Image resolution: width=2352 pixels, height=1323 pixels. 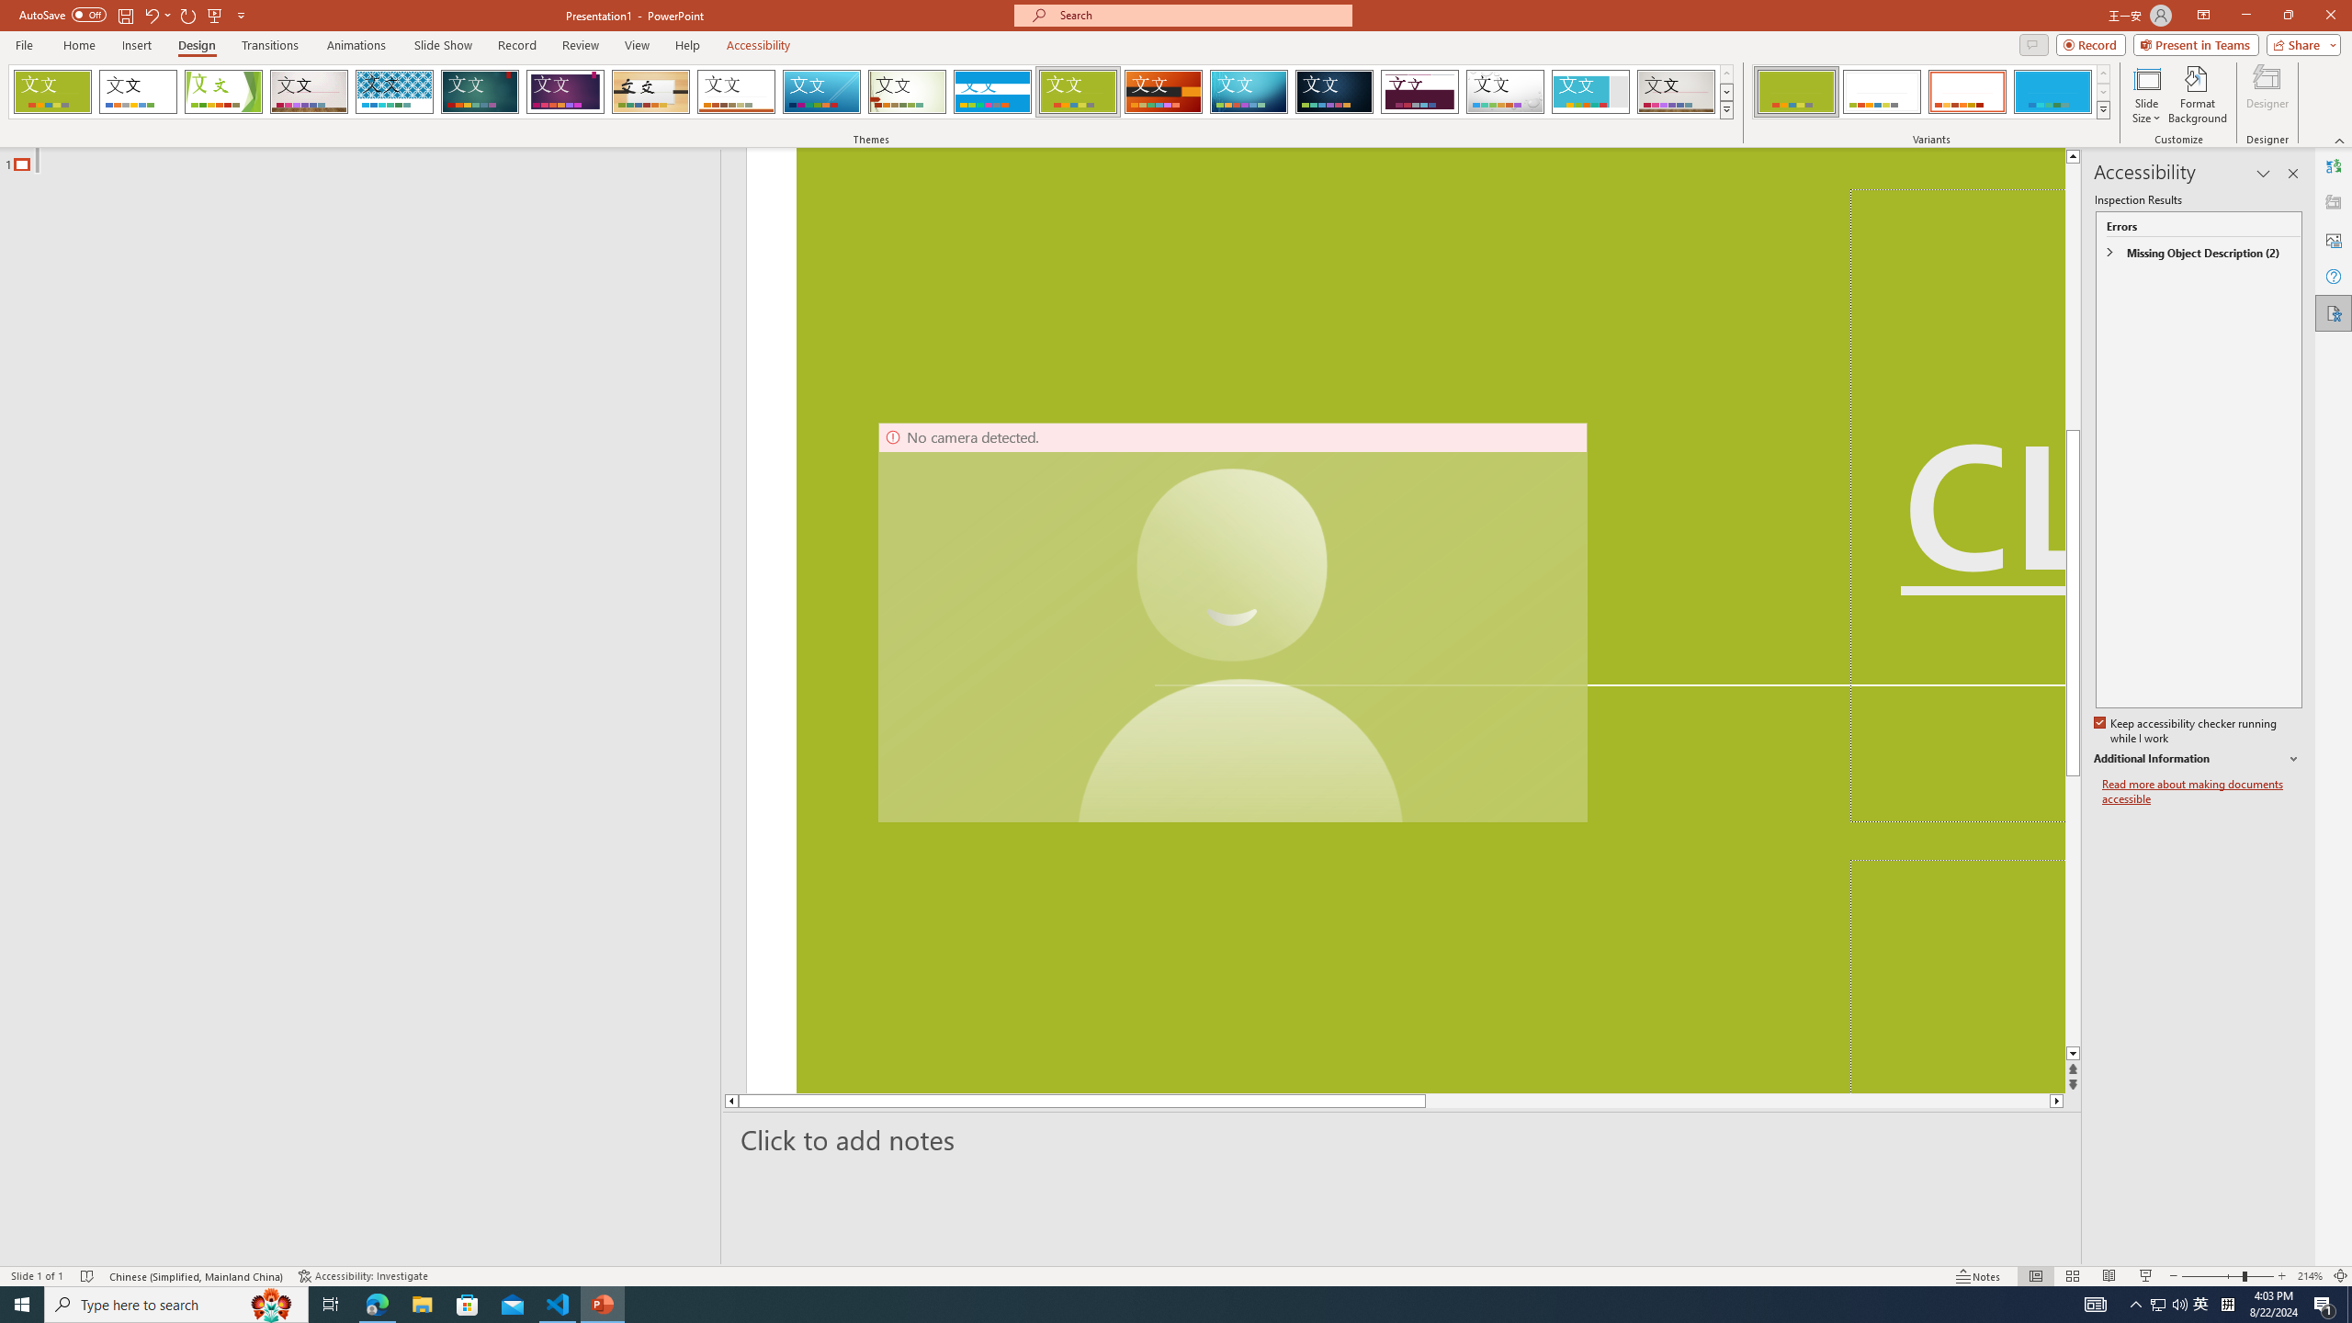 What do you see at coordinates (992, 91) in the screenshot?
I see `'Banded'` at bounding box center [992, 91].